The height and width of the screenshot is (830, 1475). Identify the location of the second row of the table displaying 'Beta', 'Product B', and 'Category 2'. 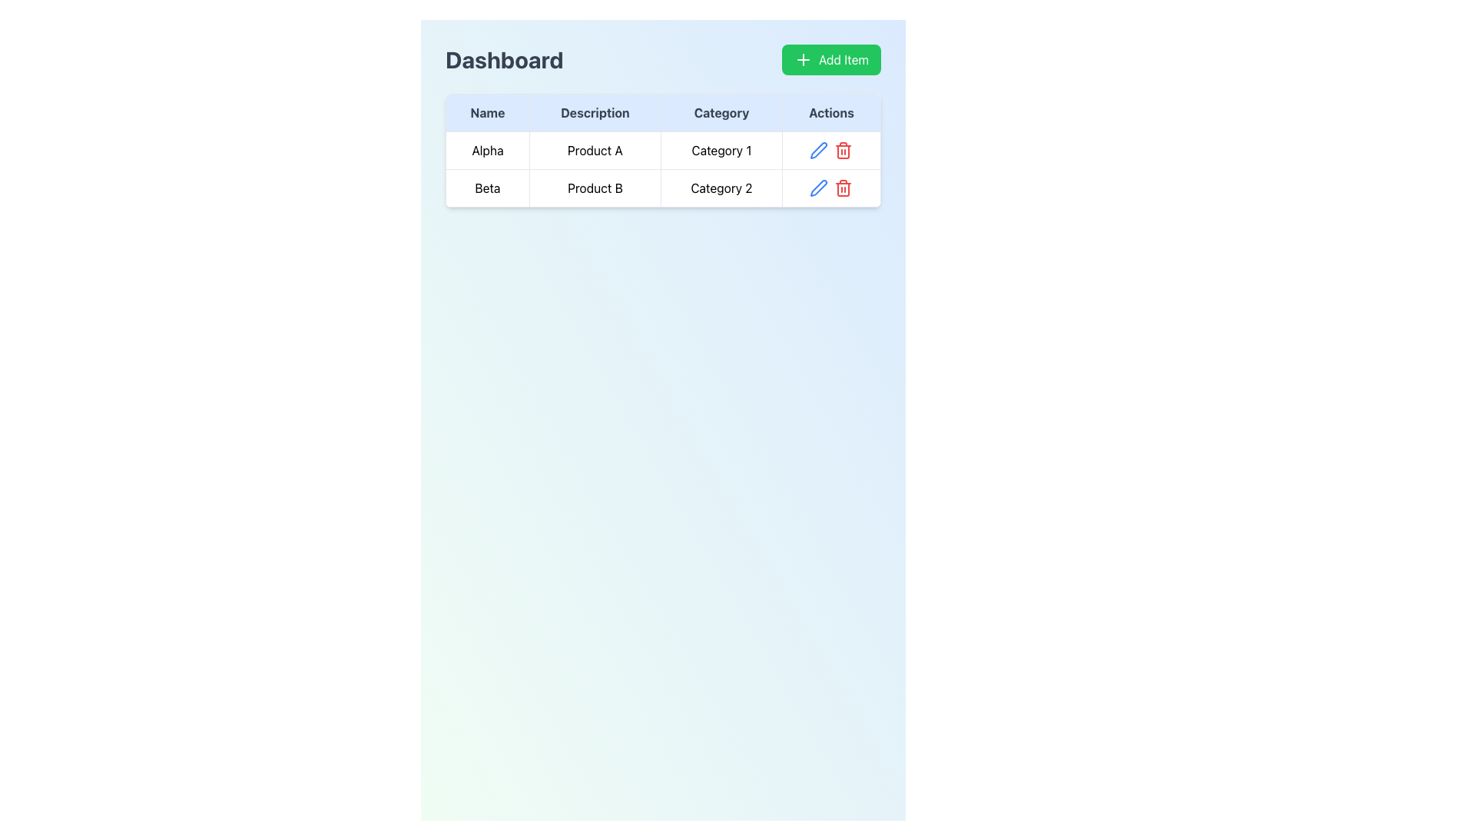
(663, 188).